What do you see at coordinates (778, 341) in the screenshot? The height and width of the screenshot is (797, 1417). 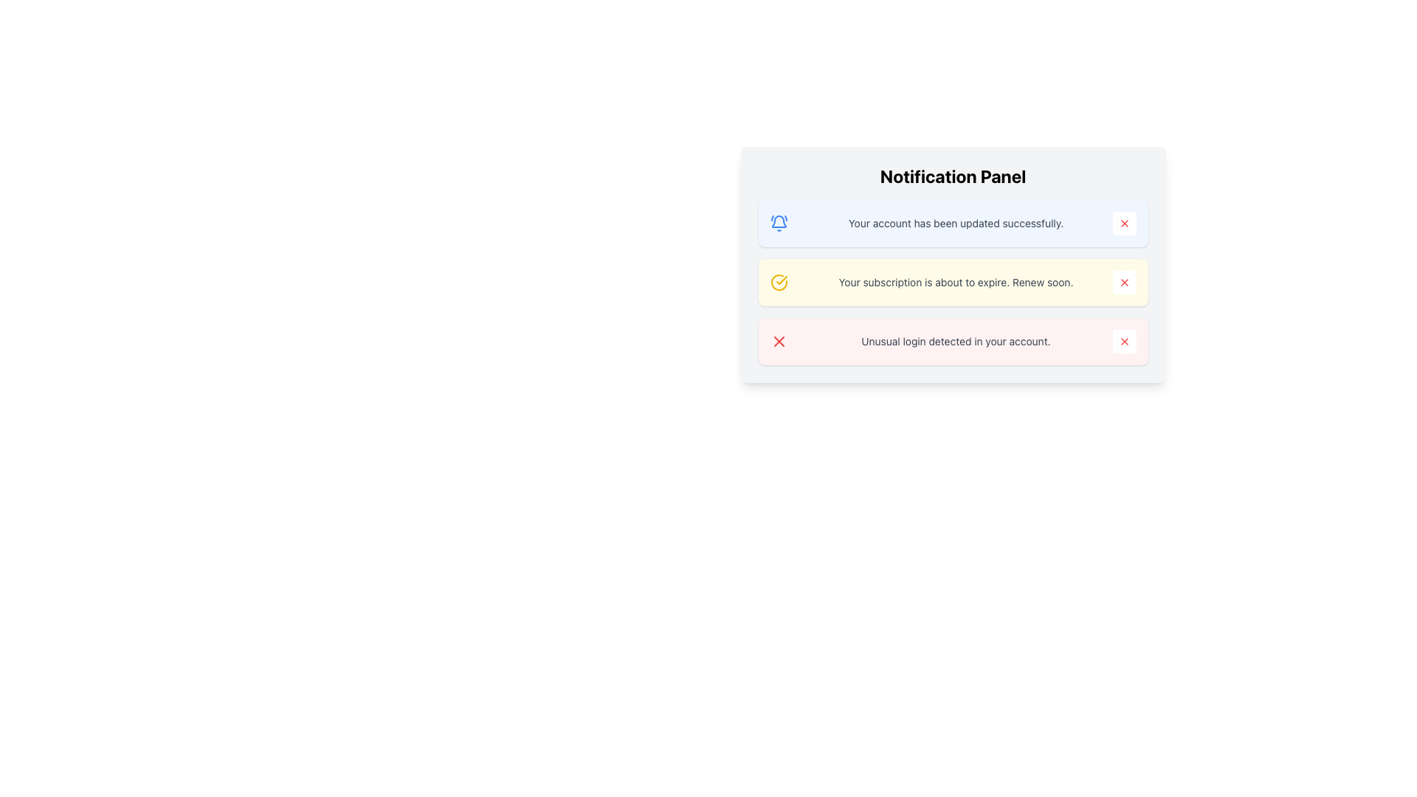 I see `the error or warning icon in the third notification of the vertically stacked notification panel, which is located to the left of the text 'Unusual login detected in your account.'` at bounding box center [778, 341].